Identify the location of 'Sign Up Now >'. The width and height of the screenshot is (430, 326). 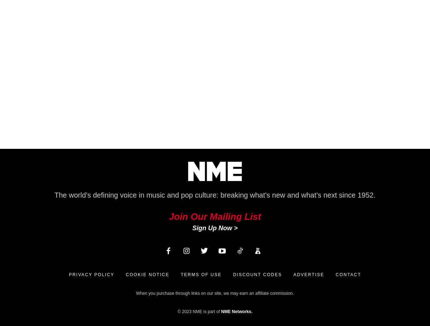
(214, 227).